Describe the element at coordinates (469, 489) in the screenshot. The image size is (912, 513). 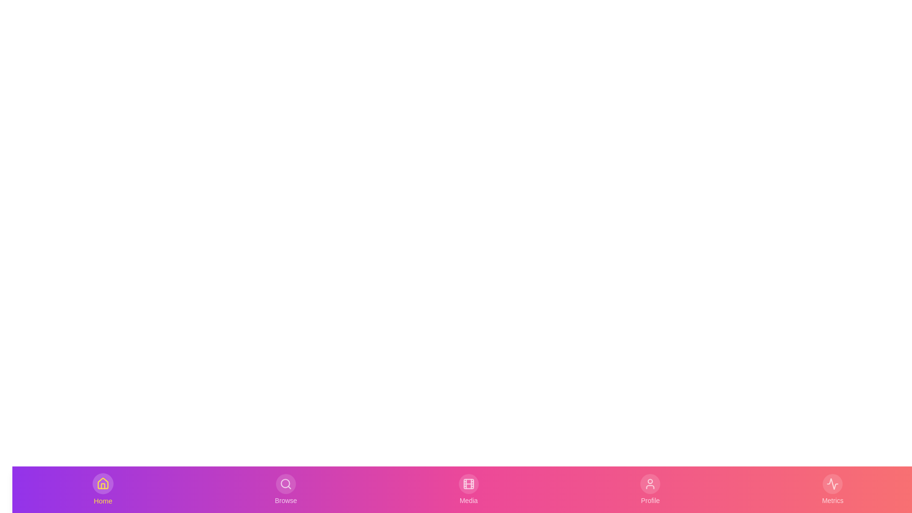
I see `the Media tab to activate it` at that location.